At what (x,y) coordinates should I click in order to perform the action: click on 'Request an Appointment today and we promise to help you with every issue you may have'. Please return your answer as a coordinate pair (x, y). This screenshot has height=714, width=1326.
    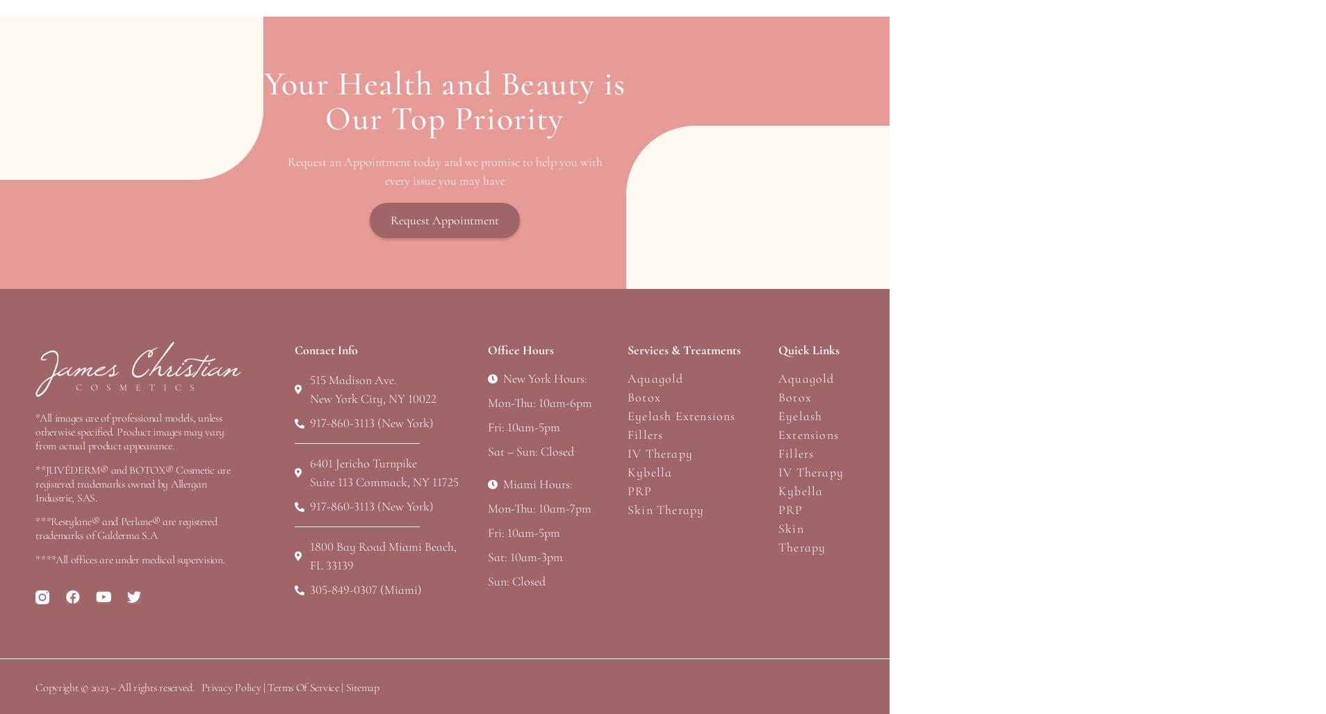
    Looking at the image, I should click on (443, 170).